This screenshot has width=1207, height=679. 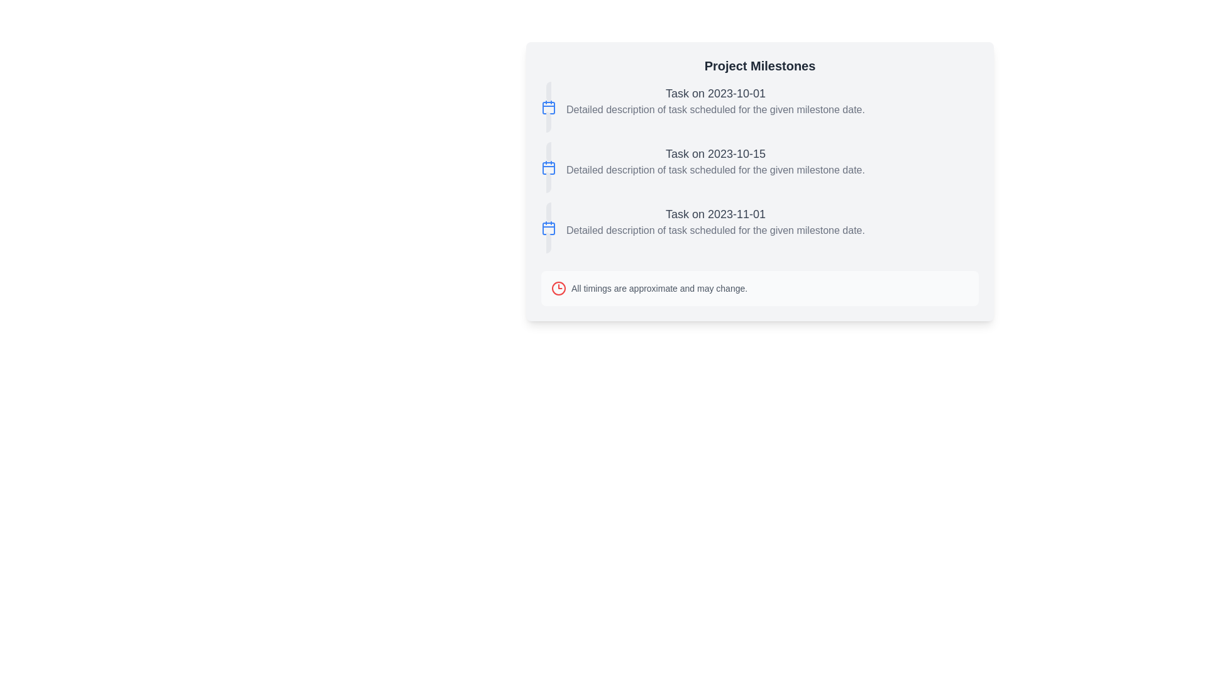 I want to click on the milestone date text label displaying '2023-11-01', which serves as the title for the associated milestone details, so click(x=715, y=213).